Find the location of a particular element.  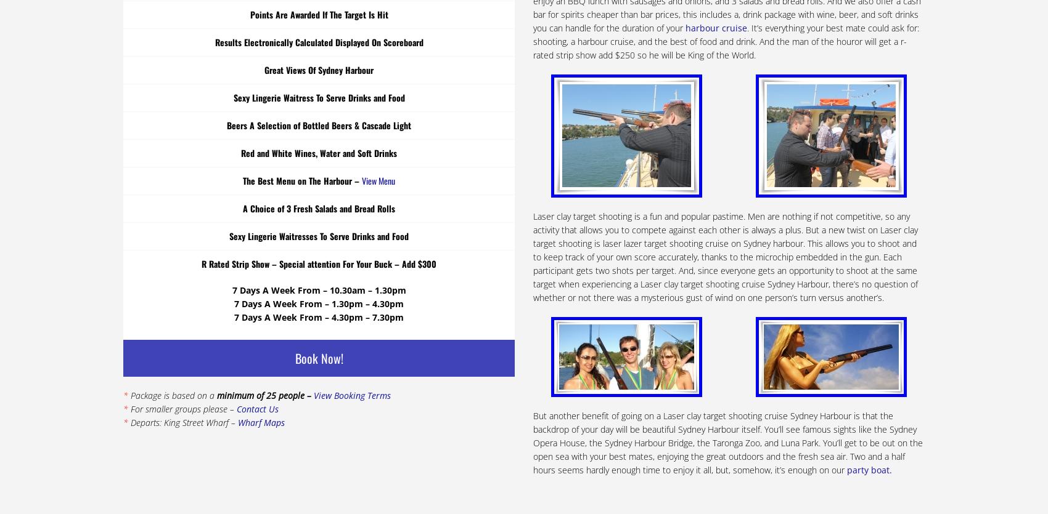

'harbour cruise' is located at coordinates (716, 27).